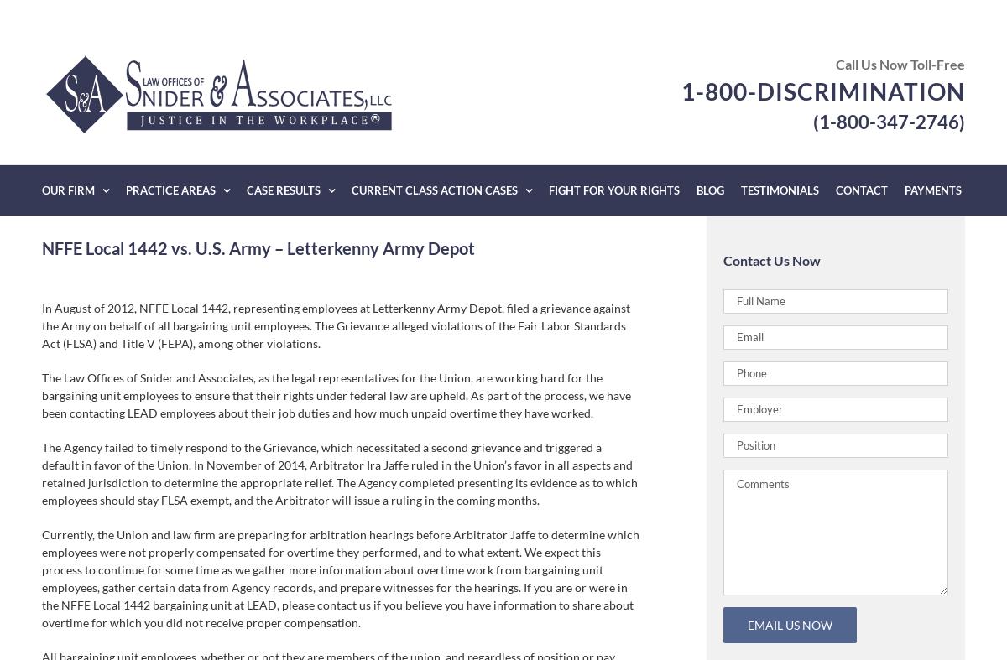 This screenshot has height=660, width=1007. What do you see at coordinates (823, 90) in the screenshot?
I see `'1-800-DISCRIMINATION'` at bounding box center [823, 90].